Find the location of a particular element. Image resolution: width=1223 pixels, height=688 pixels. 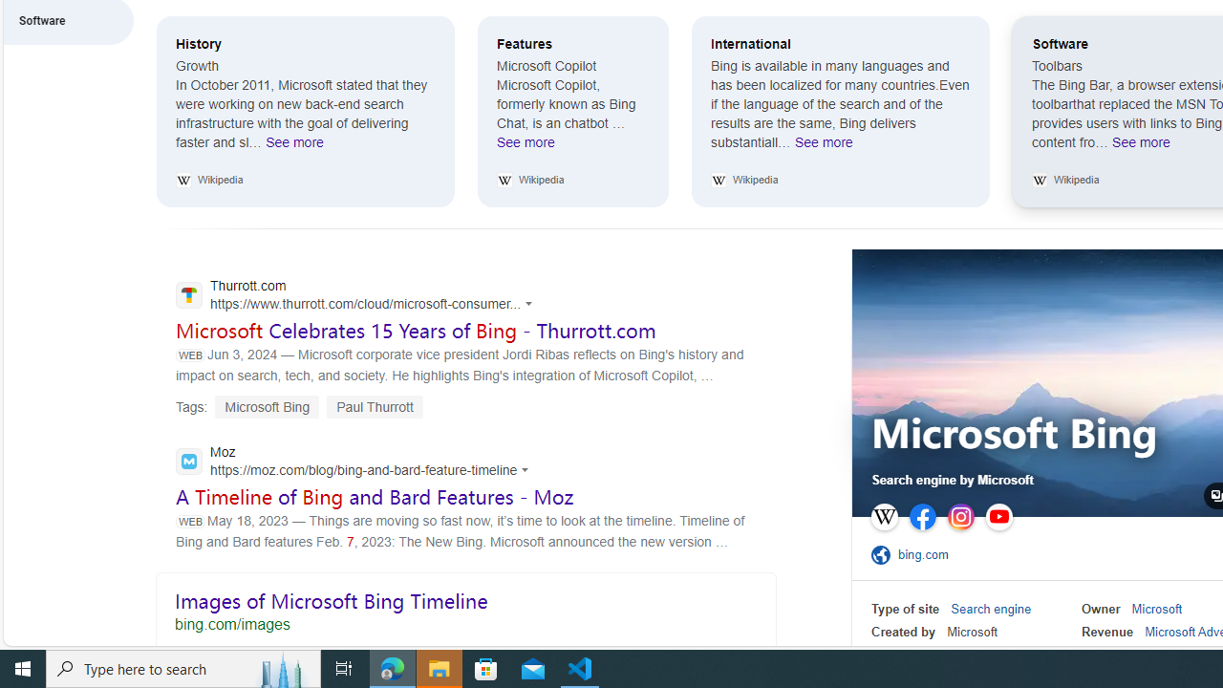

'Type of site' is located at coordinates (904, 609).